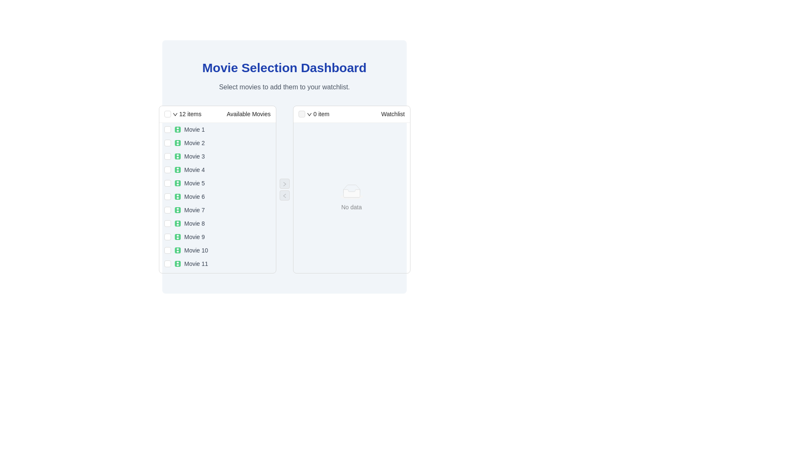  What do you see at coordinates (217, 197) in the screenshot?
I see `the checkbox associated with the movie option 'Movie 6' in the vertical list of 'Available Movies'` at bounding box center [217, 197].